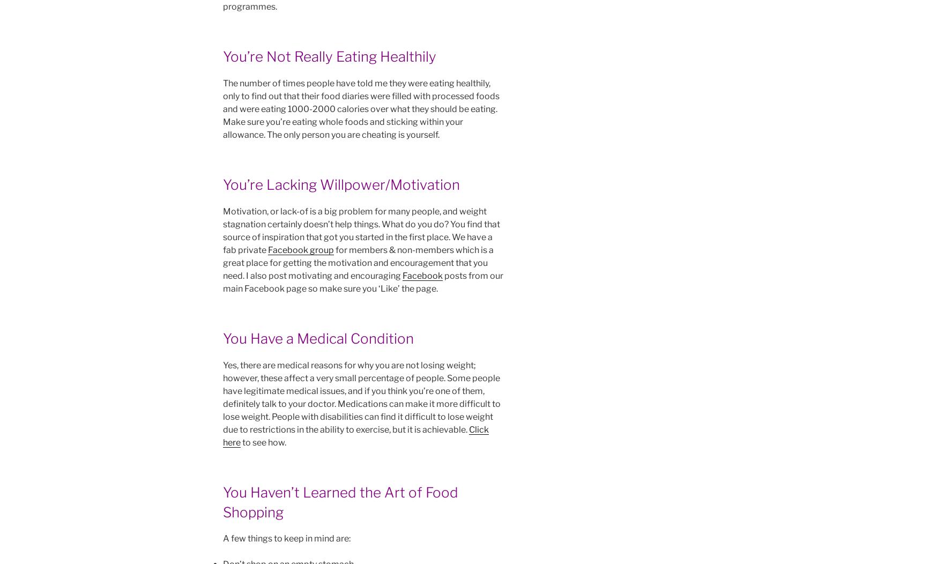 The width and height of the screenshot is (930, 564). I want to click on 'A few things to keep in mind are:', so click(286, 538).